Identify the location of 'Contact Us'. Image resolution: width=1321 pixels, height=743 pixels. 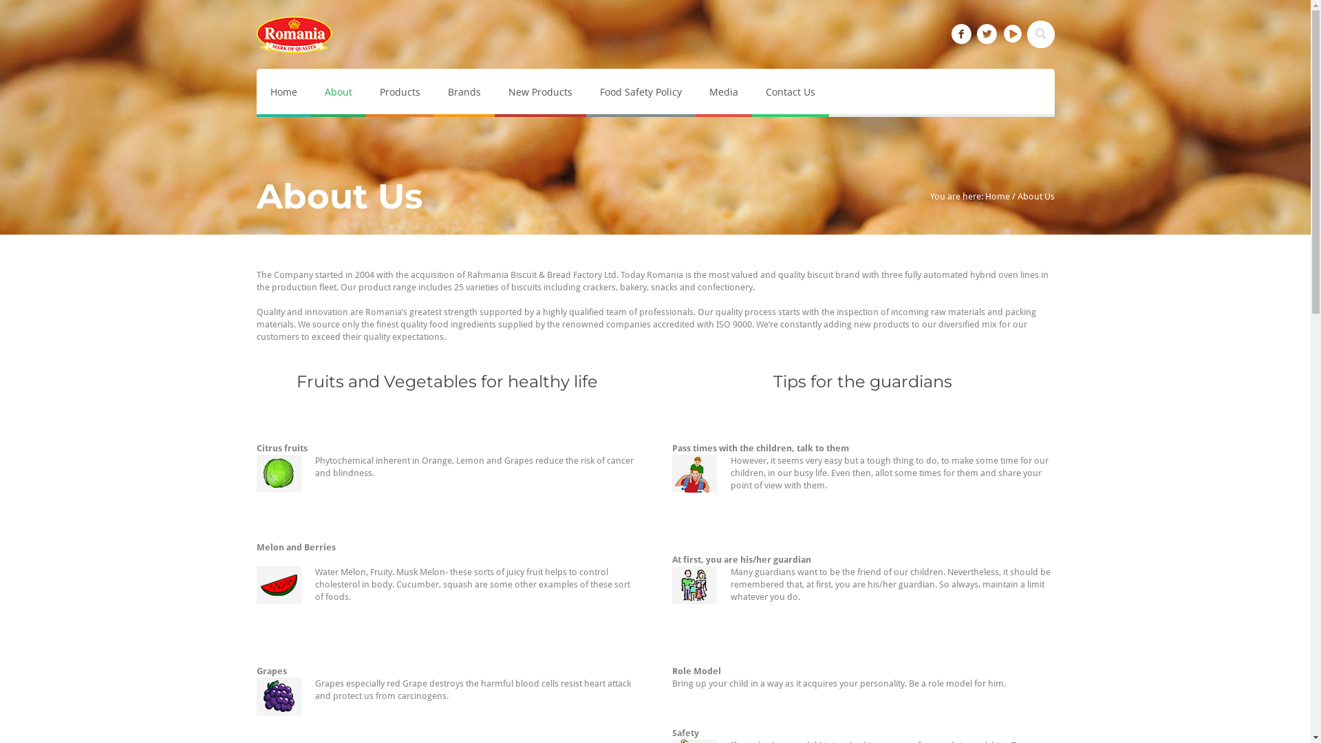
(789, 93).